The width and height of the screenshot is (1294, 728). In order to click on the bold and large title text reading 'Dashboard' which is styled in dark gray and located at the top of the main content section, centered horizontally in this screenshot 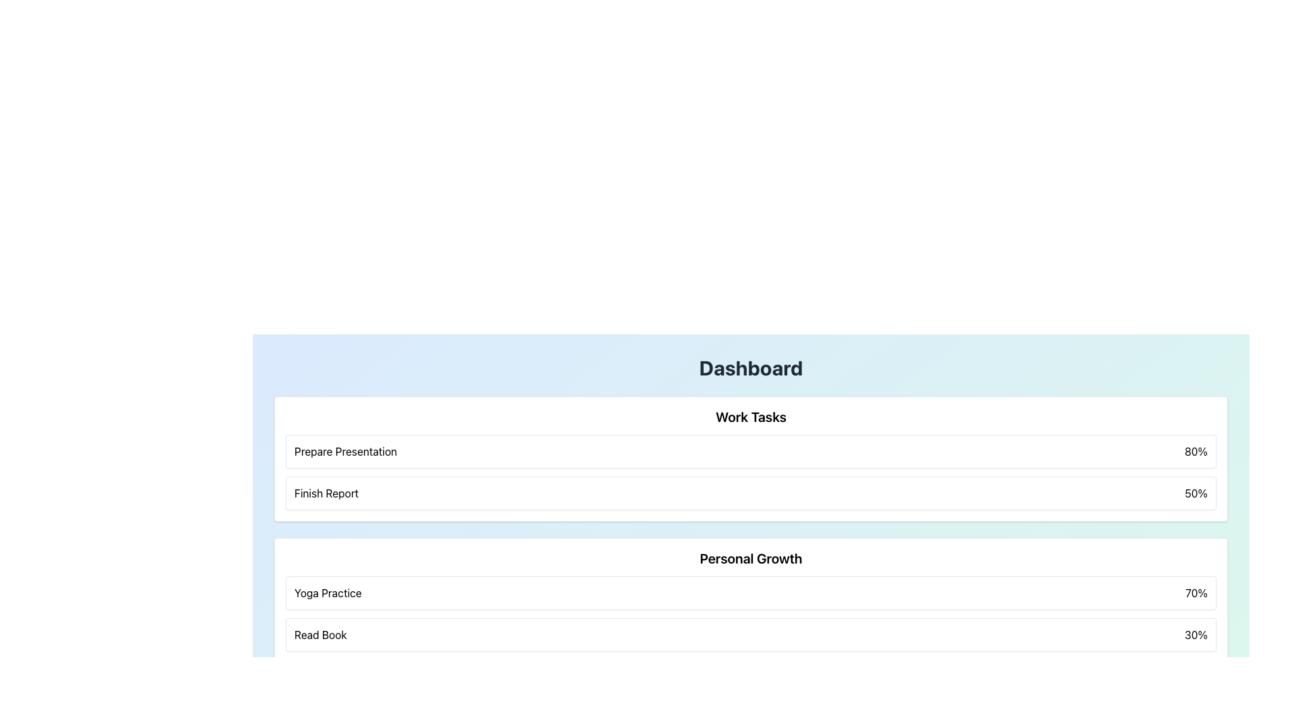, I will do `click(750, 368)`.